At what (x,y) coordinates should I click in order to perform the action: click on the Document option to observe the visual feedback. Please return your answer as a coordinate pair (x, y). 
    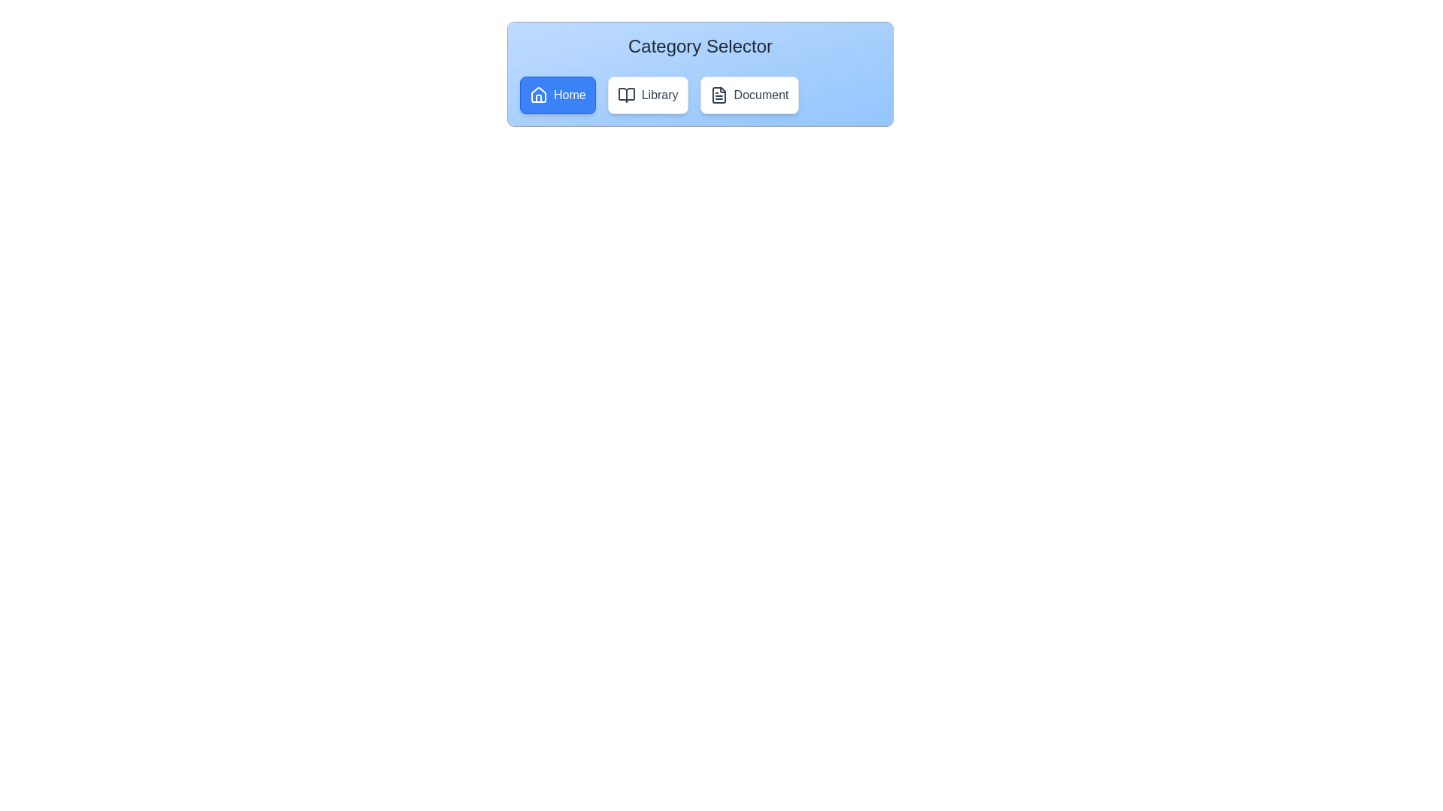
    Looking at the image, I should click on (749, 95).